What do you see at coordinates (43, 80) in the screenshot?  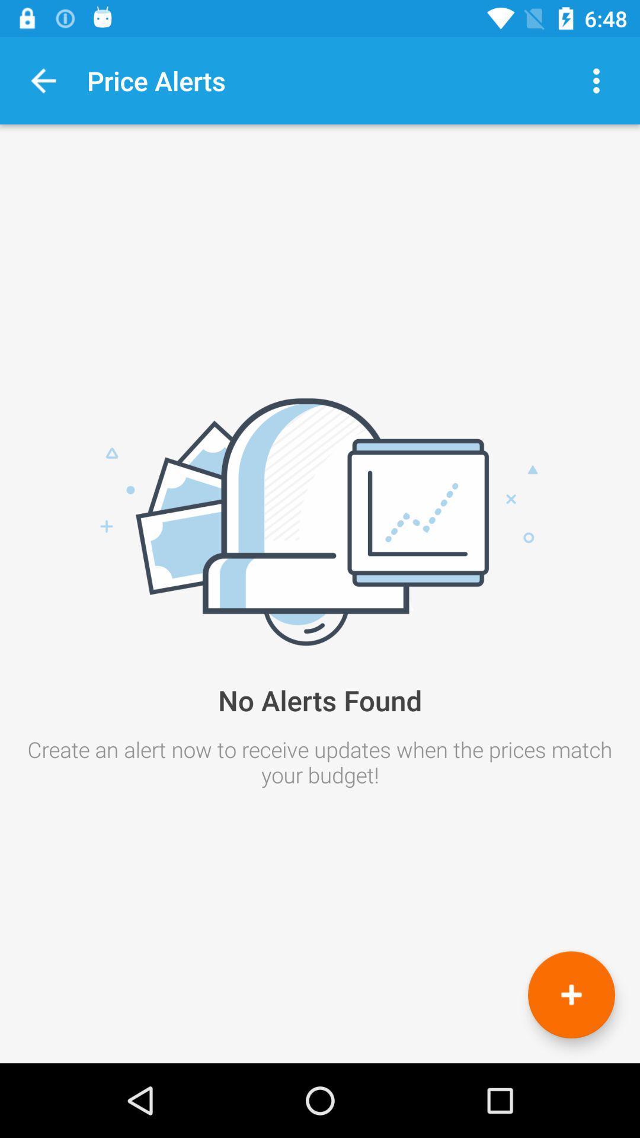 I see `the icon at the top left corner` at bounding box center [43, 80].